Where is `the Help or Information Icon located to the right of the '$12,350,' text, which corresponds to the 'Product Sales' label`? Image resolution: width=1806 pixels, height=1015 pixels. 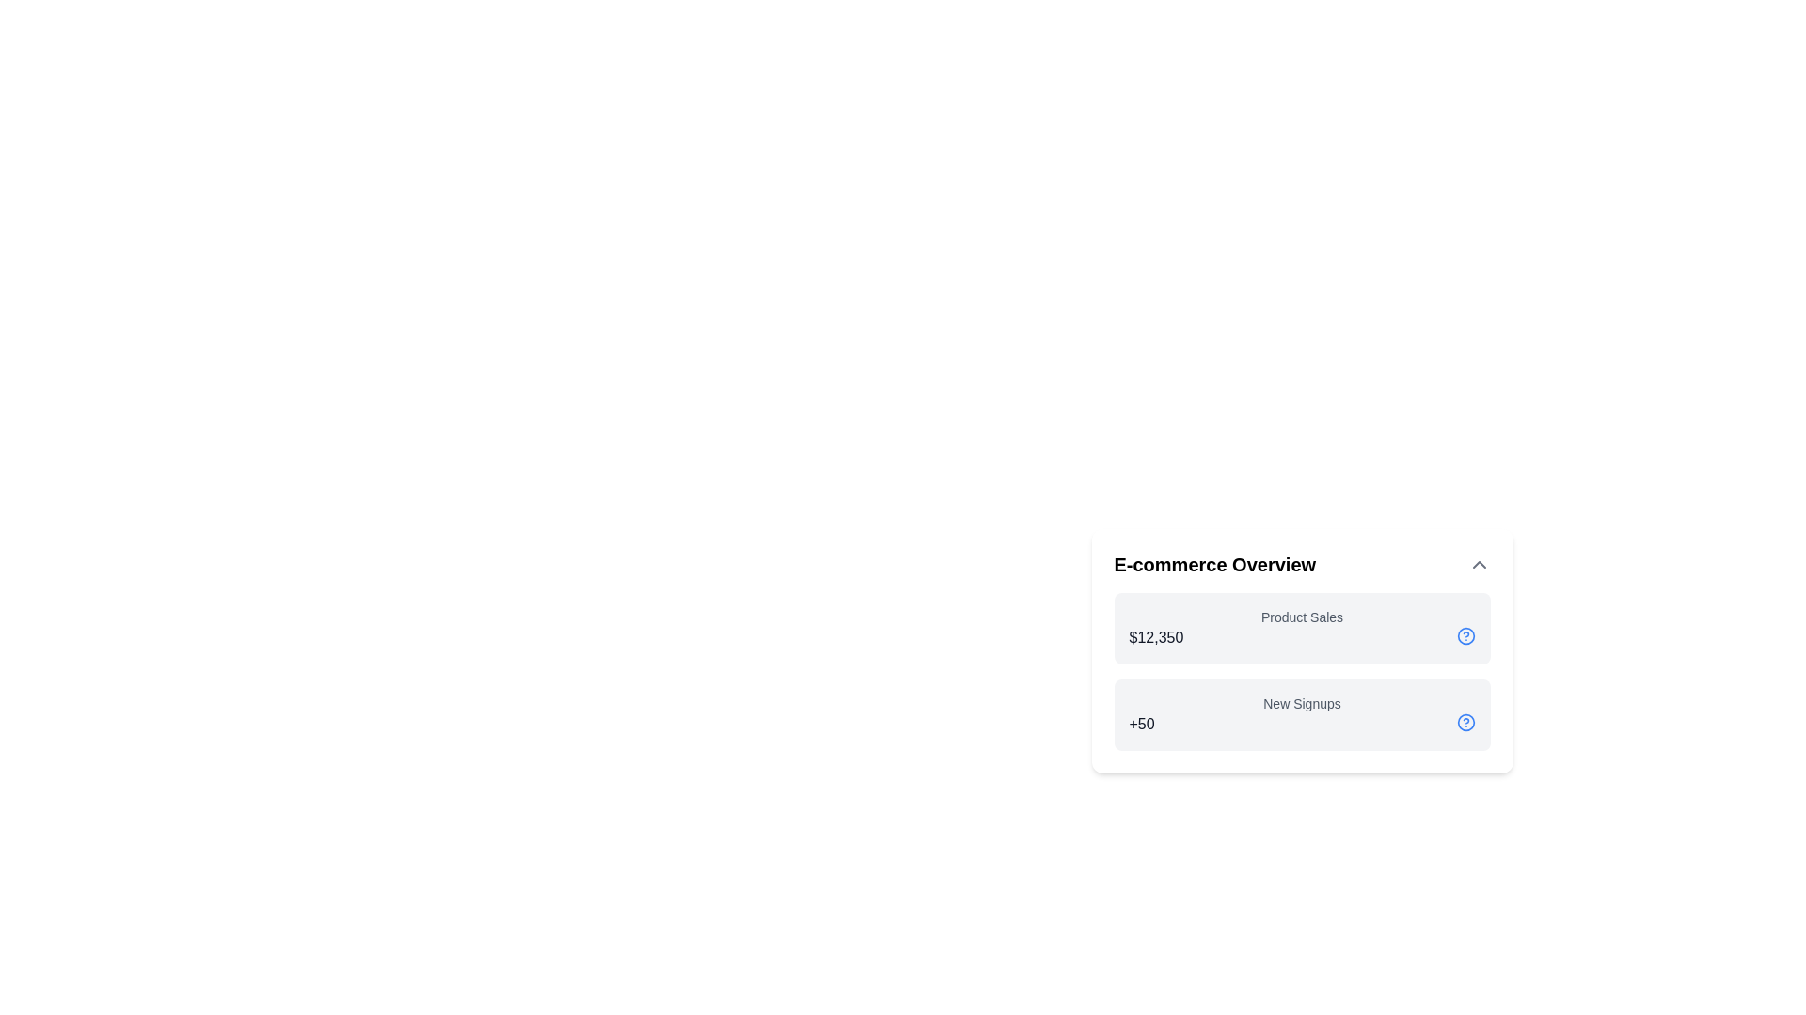
the Help or Information Icon located to the right of the '$12,350,' text, which corresponds to the 'Product Sales' label is located at coordinates (1465, 635).